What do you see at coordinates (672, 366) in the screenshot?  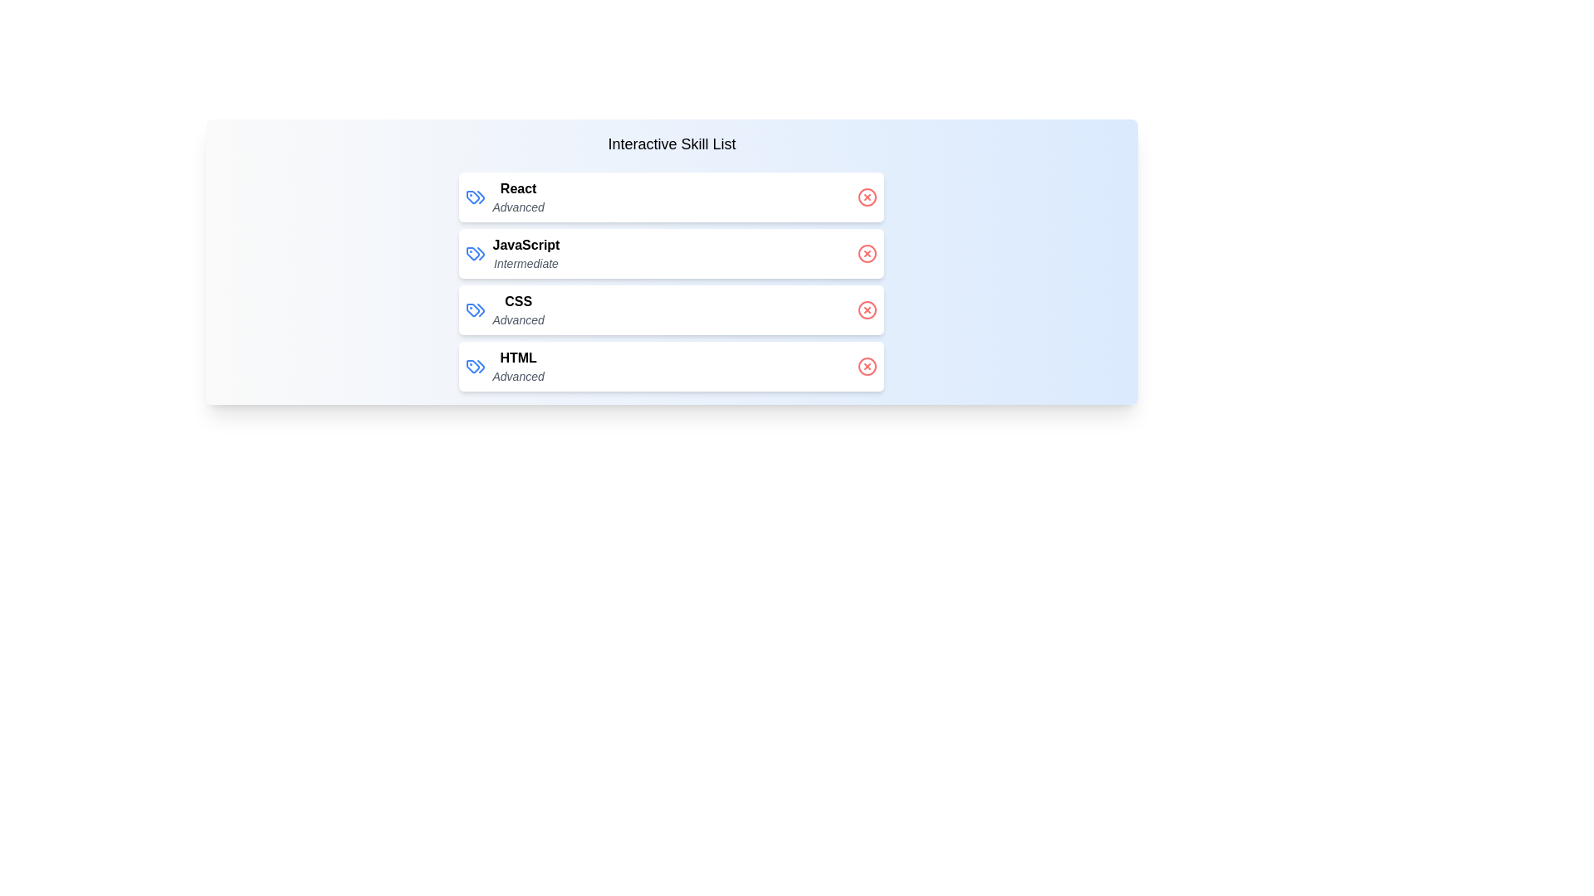 I see `the skill HTML to observe the hover effect` at bounding box center [672, 366].